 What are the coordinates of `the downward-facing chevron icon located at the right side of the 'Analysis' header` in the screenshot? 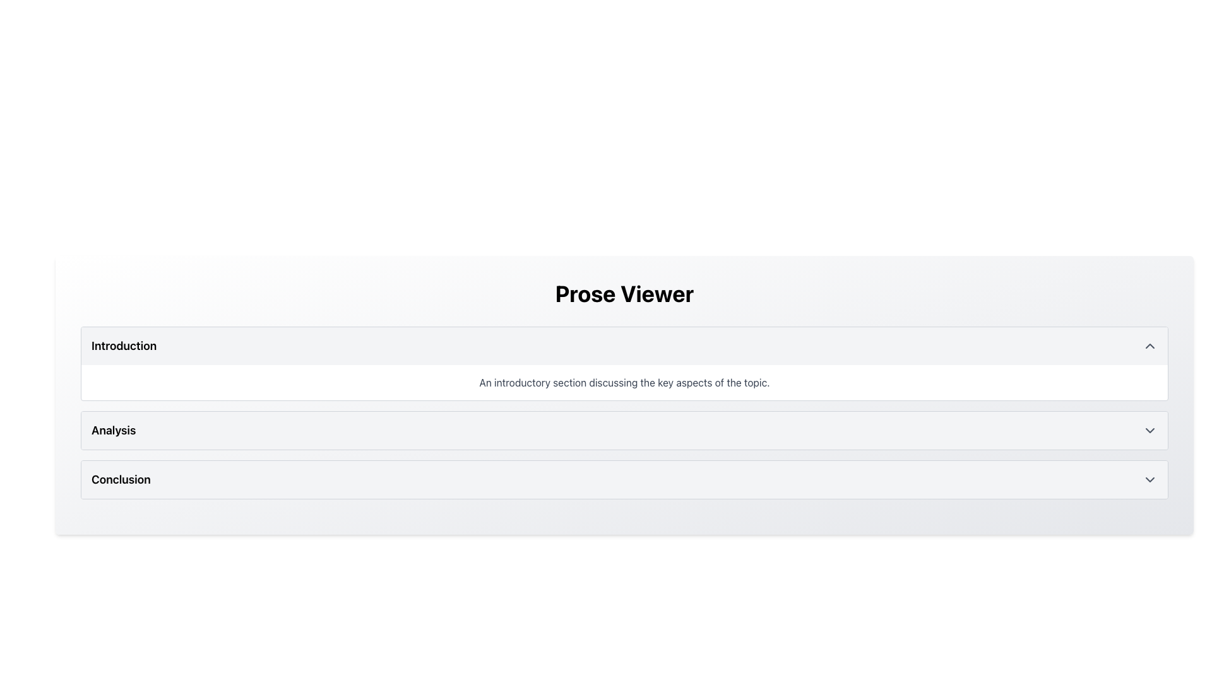 It's located at (1150, 429).